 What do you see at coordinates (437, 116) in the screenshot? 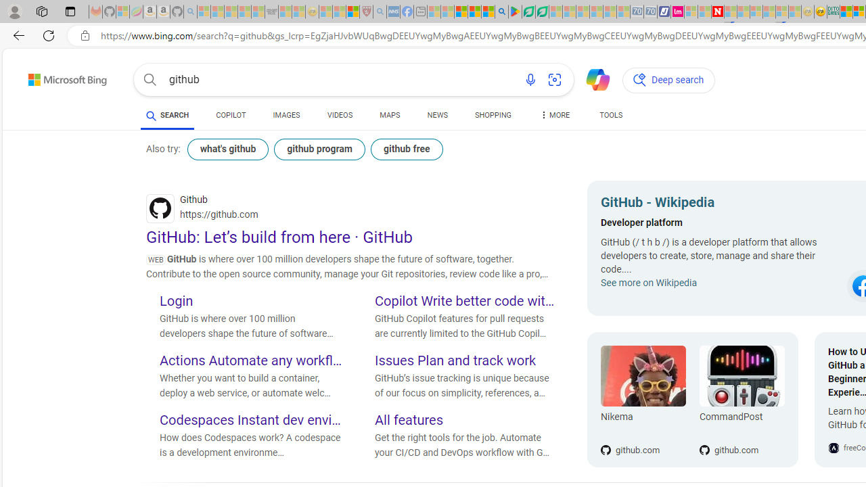
I see `'NEWS'` at bounding box center [437, 116].